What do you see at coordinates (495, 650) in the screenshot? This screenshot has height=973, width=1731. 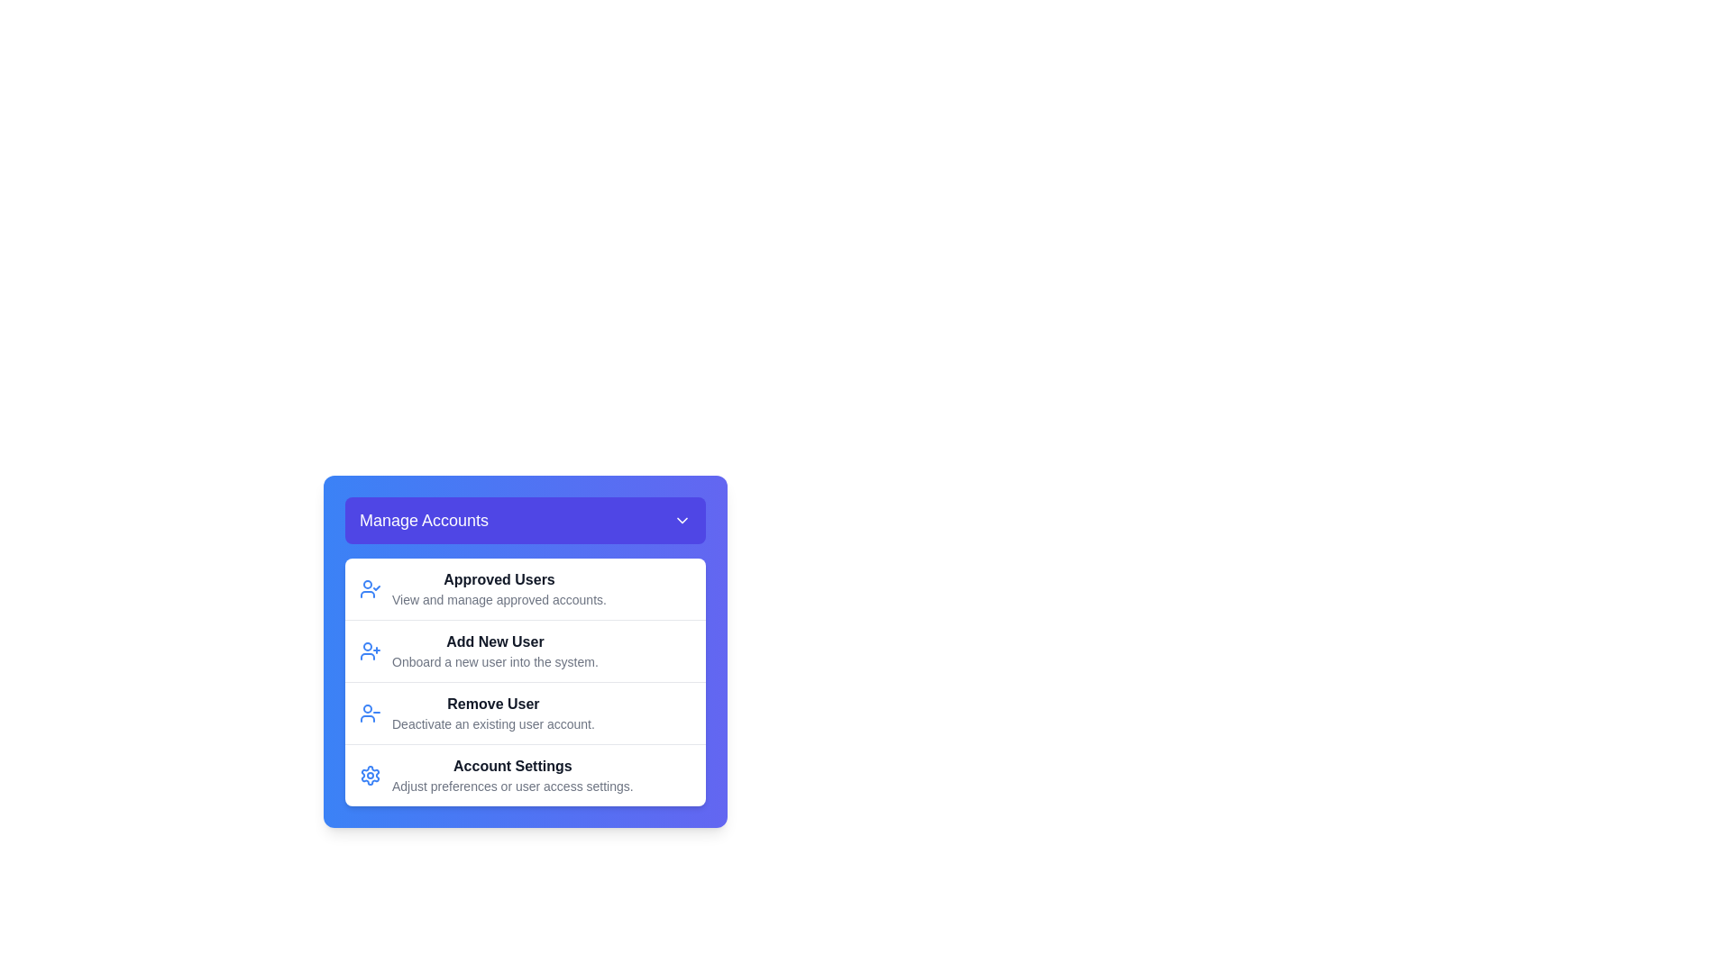 I see `the 'Onboard New User' text block located in the 'Manage Accounts' menu, which is the second item below 'Approved Users'` at bounding box center [495, 650].